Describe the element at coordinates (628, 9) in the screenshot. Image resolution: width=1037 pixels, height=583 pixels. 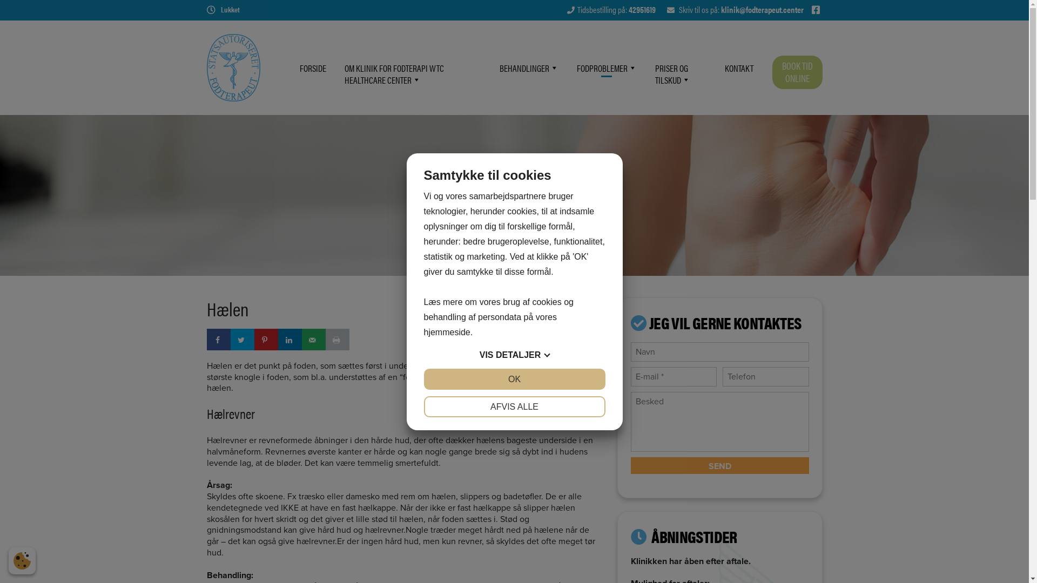
I see `'42951619'` at that location.